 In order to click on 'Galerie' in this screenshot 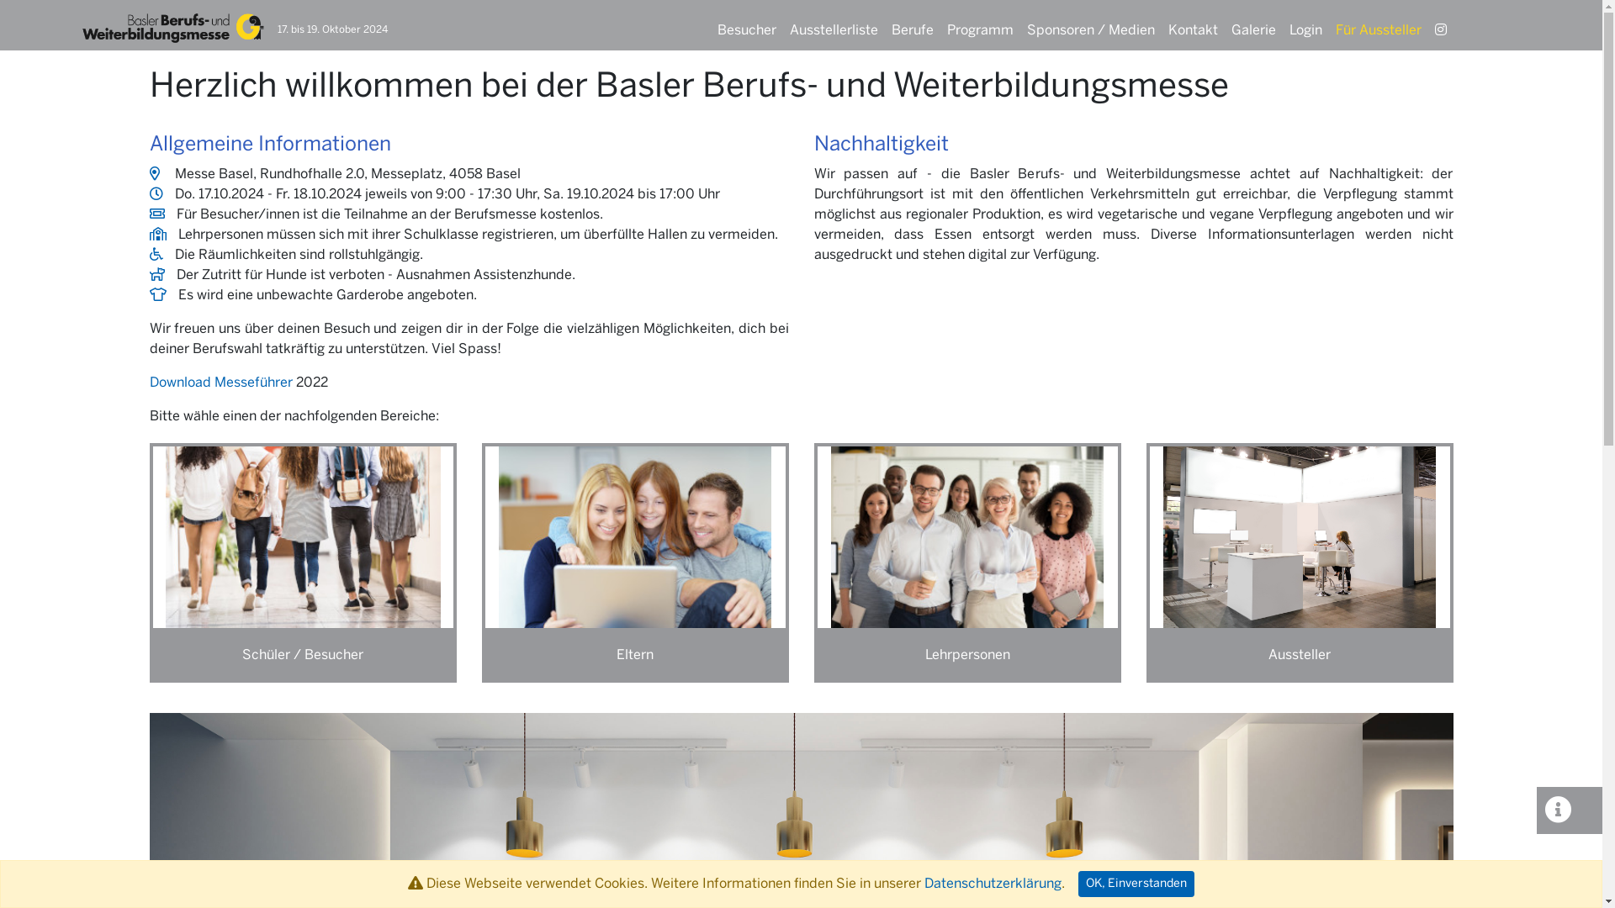, I will do `click(1253, 25)`.